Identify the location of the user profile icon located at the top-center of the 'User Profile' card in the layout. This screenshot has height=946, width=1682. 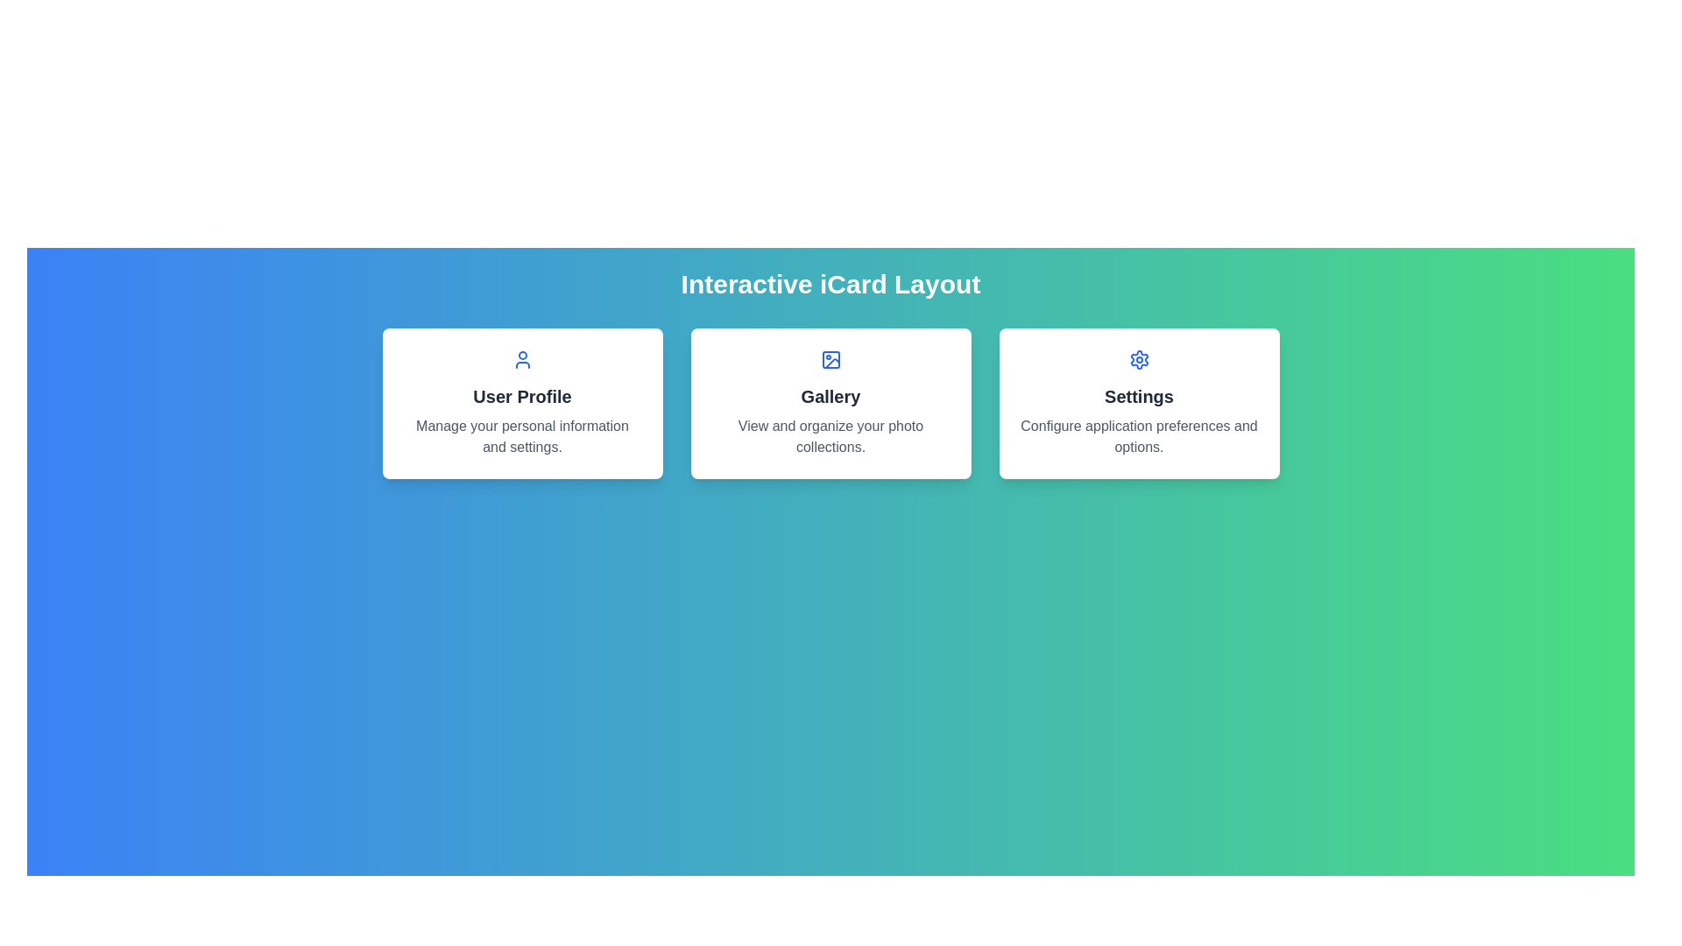
(521, 359).